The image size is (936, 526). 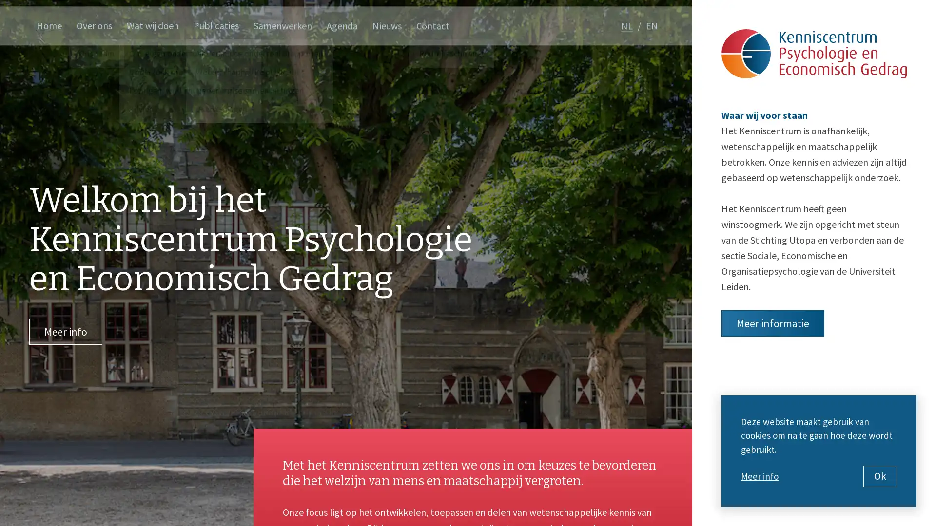 I want to click on Ok, so click(x=880, y=476).